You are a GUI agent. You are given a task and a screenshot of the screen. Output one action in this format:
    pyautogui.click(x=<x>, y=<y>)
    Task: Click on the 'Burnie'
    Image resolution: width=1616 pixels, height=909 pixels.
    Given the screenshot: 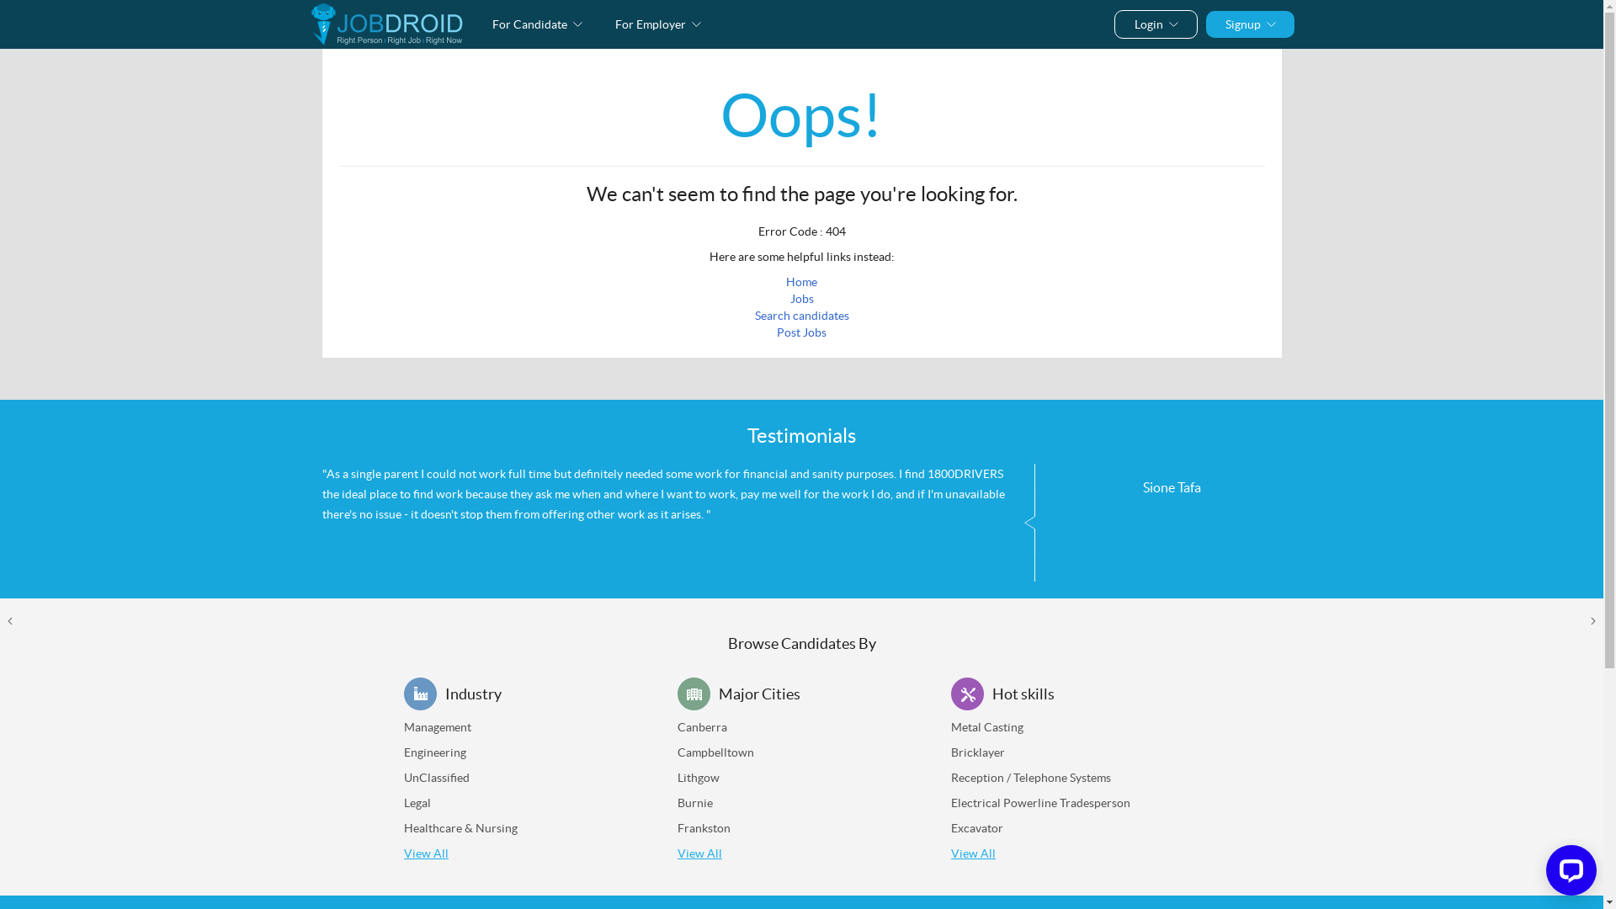 What is the action you would take?
    pyautogui.click(x=694, y=801)
    